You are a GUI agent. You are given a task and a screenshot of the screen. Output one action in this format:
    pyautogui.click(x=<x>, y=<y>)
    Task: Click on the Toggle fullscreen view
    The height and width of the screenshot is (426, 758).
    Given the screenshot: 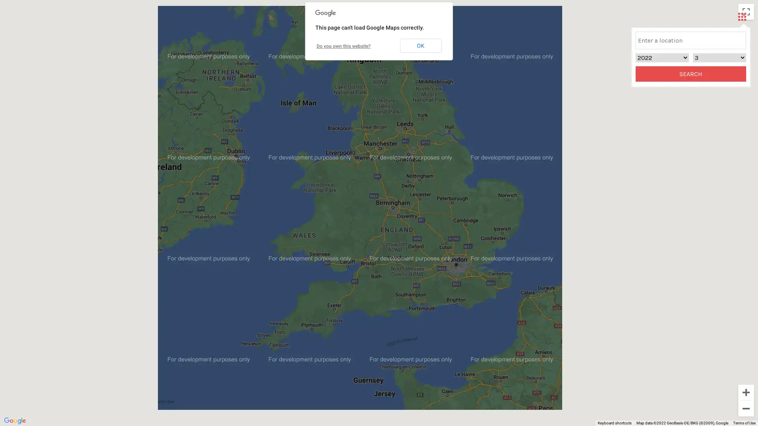 What is the action you would take?
    pyautogui.click(x=746, y=12)
    